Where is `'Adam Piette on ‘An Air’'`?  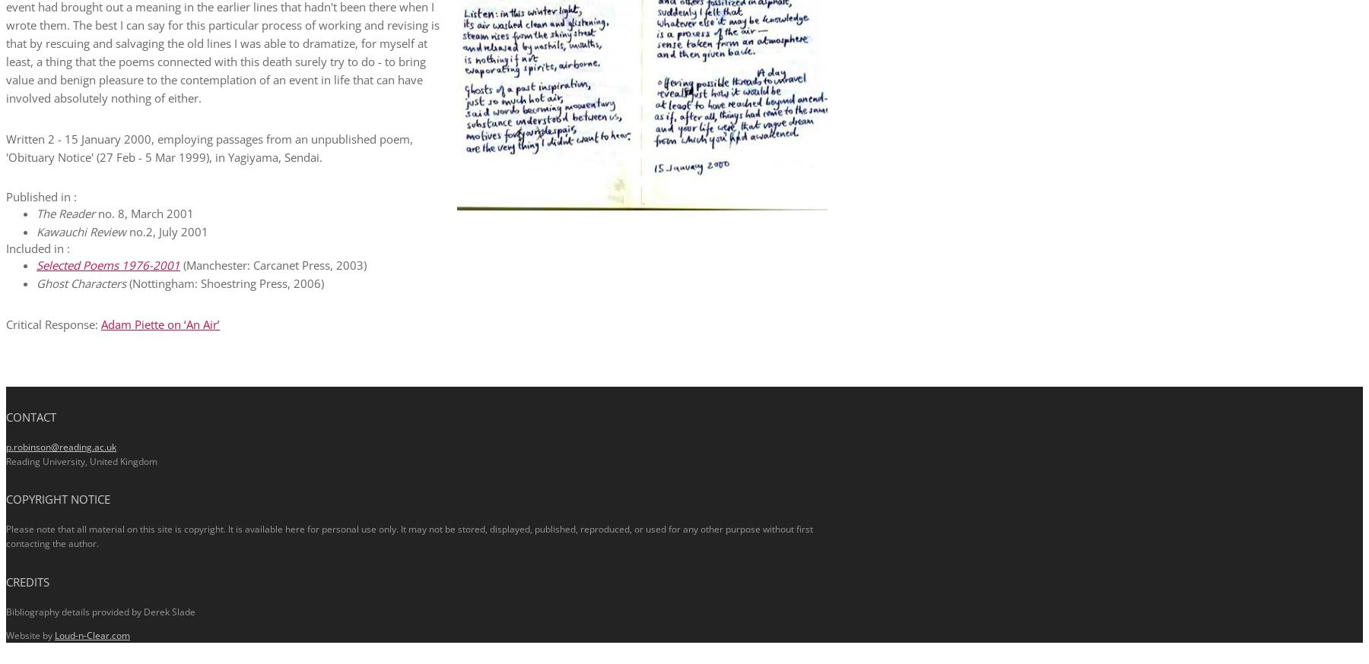 'Adam Piette on ‘An Air’' is located at coordinates (160, 323).